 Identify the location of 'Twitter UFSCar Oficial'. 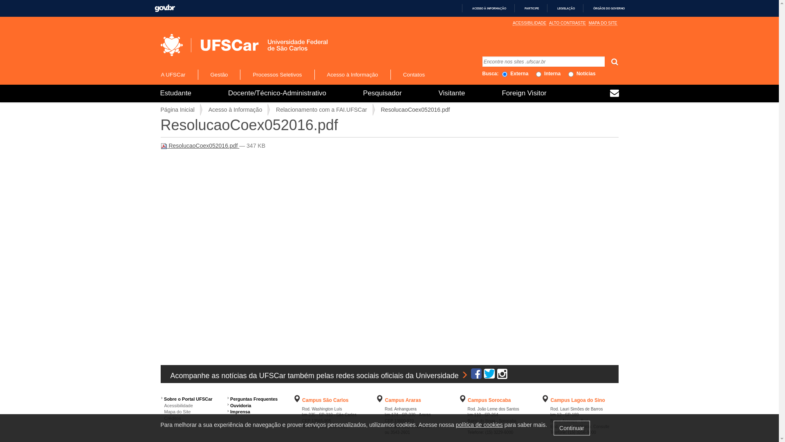
(489, 376).